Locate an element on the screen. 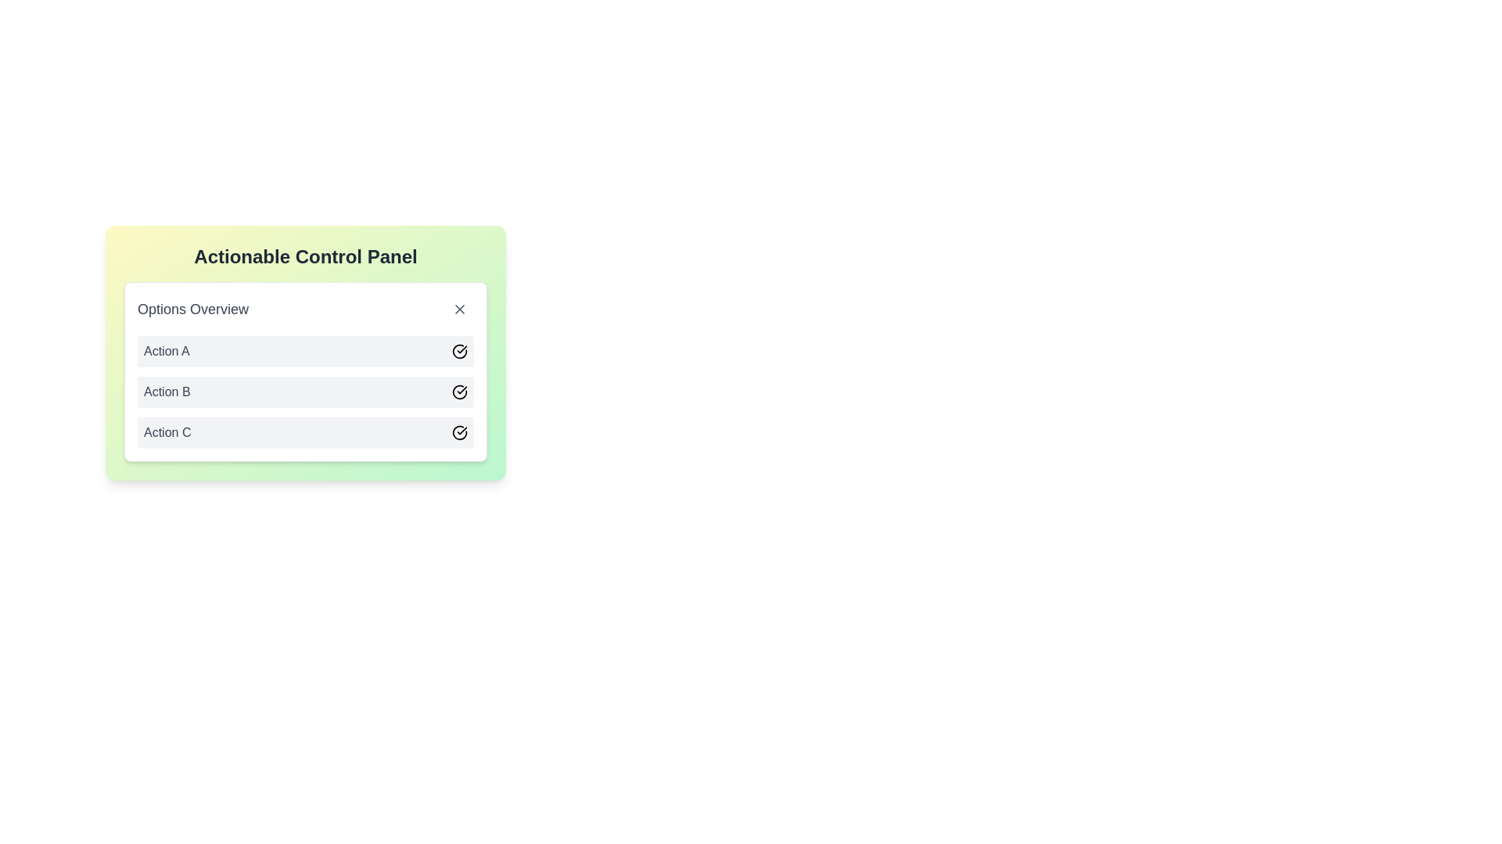 Image resolution: width=1502 pixels, height=844 pixels. the 'Options Overview' label, which is a prominent section title styled in gray, located at the top-left corner of its containing card is located at coordinates (192, 309).